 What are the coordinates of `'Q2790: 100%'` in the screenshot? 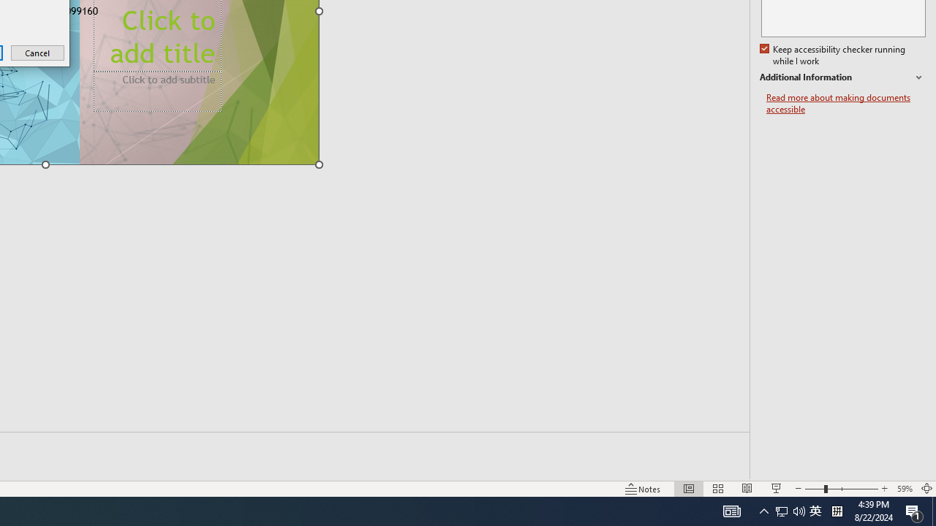 It's located at (781, 510).